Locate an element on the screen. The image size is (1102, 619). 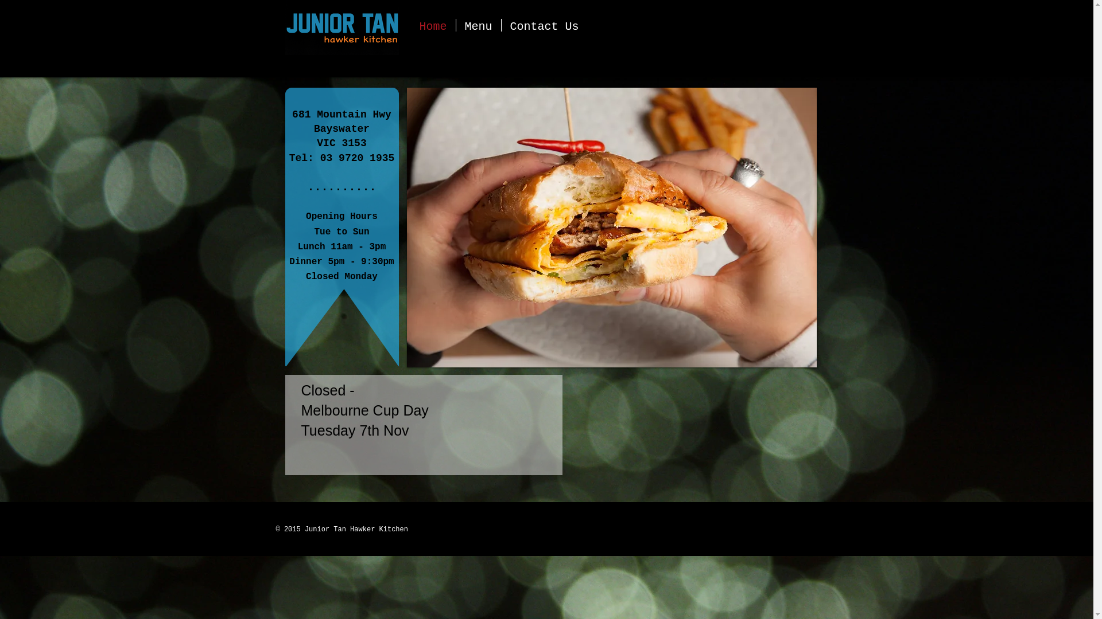
'Home' is located at coordinates (432, 25).